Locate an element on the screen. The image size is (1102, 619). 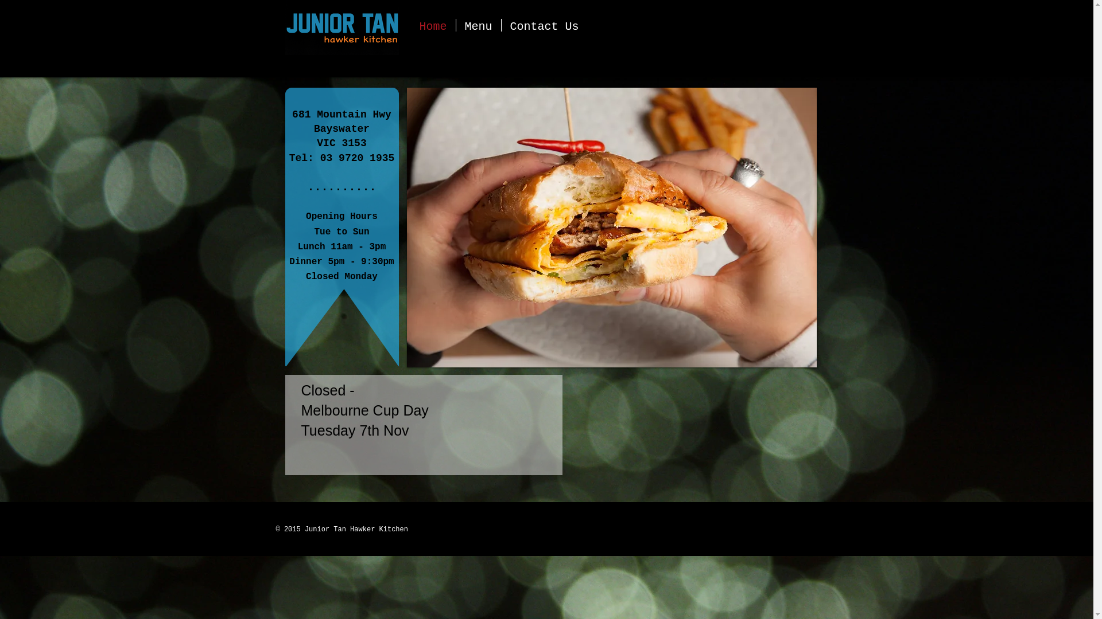
'Home' is located at coordinates (432, 25).